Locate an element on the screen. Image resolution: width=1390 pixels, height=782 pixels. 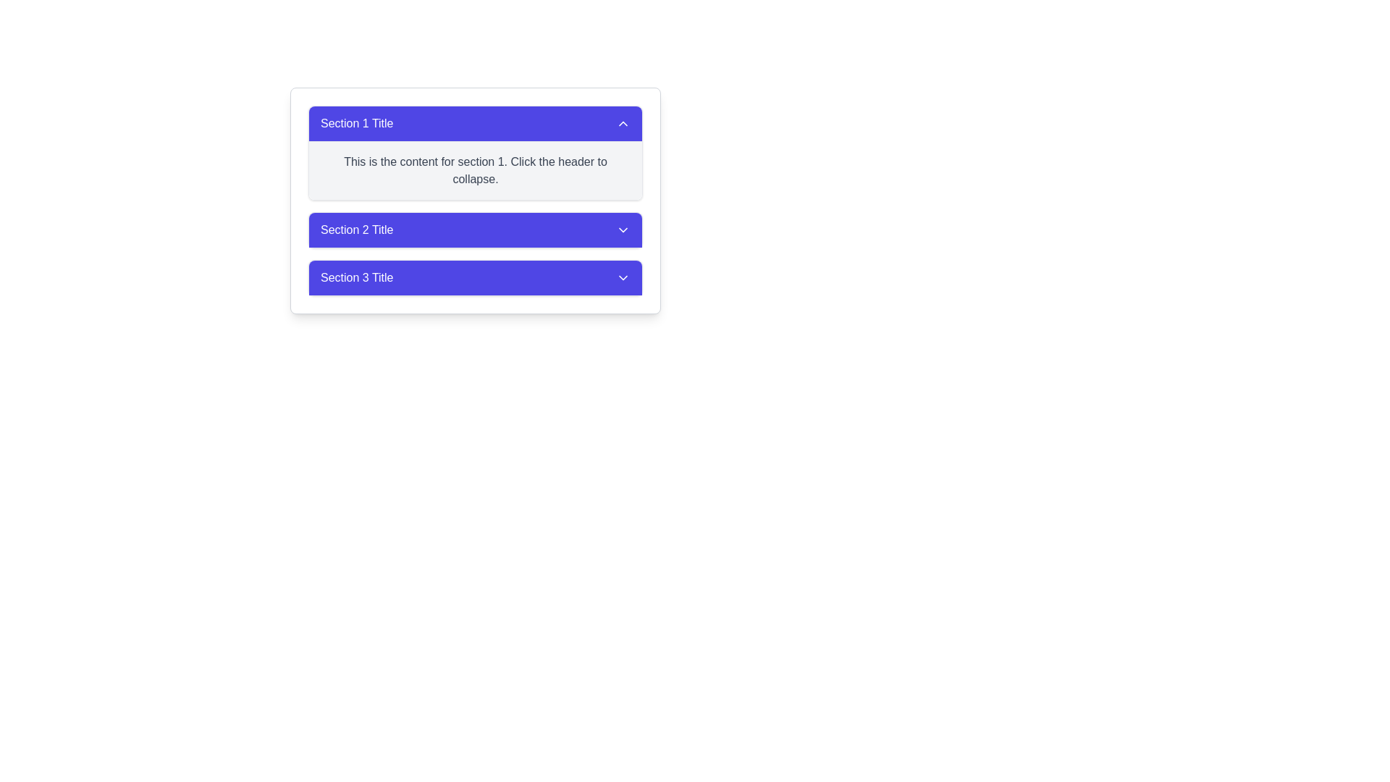
the first collapsible section, identified by its title bar, to trigger potential hover effects on interactive elements is located at coordinates (476, 153).